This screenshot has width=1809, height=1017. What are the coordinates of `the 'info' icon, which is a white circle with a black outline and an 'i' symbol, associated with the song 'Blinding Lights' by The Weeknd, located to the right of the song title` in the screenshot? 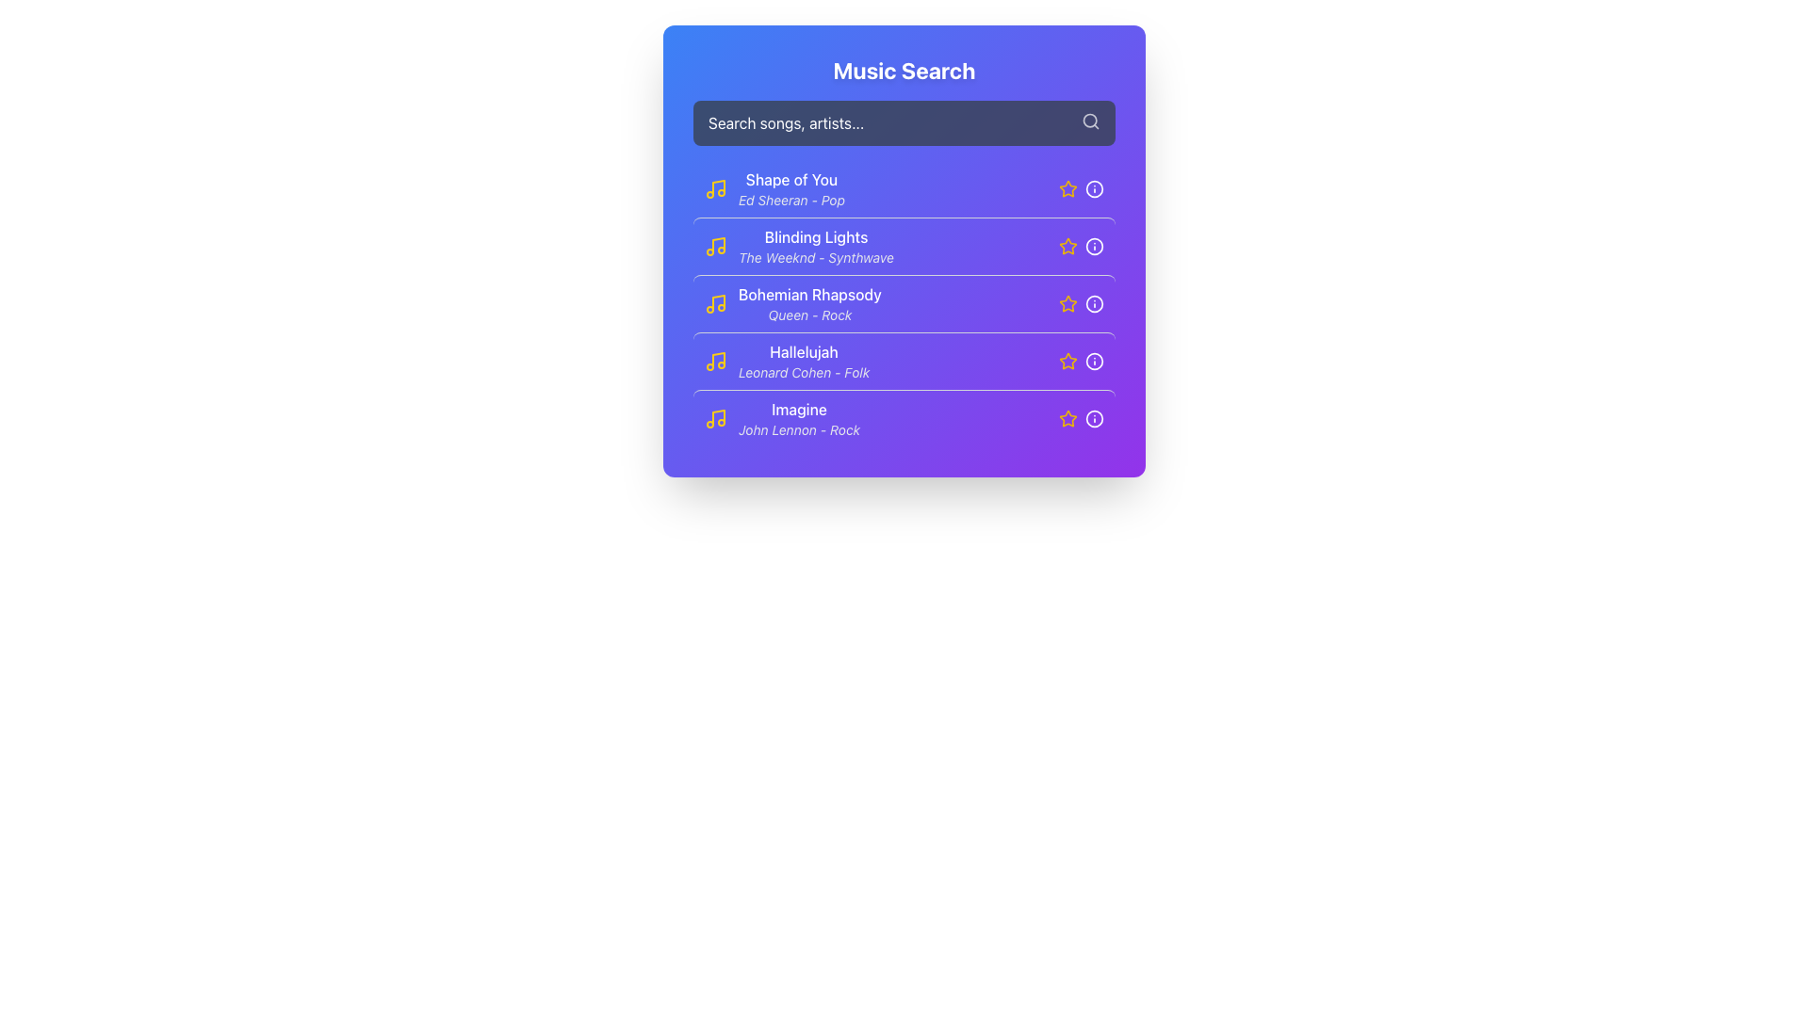 It's located at (1094, 246).